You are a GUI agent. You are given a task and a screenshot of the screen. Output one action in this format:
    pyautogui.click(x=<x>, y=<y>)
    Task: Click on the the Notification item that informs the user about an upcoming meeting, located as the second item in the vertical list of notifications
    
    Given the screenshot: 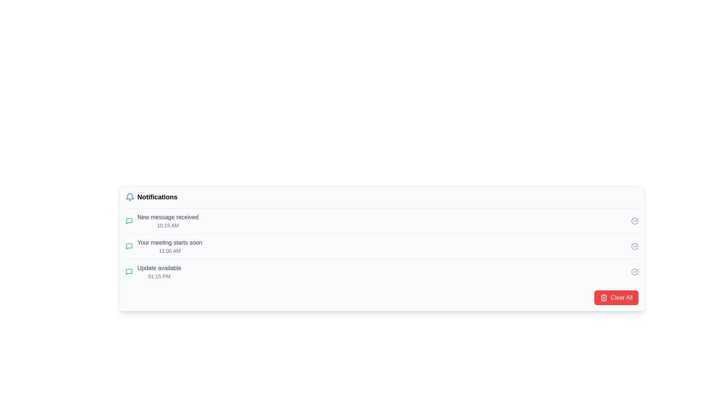 What is the action you would take?
    pyautogui.click(x=169, y=246)
    